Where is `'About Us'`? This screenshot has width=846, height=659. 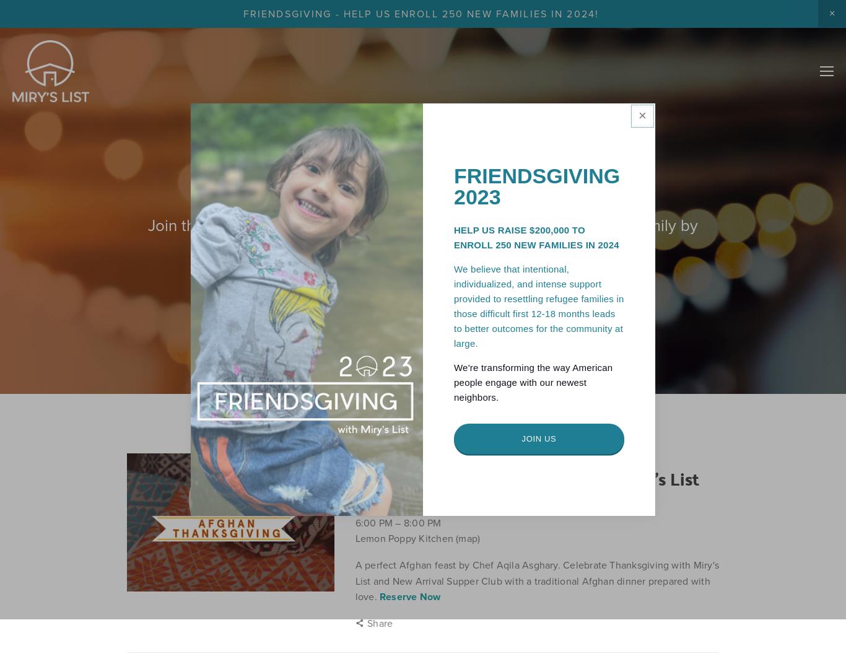 'About Us' is located at coordinates (718, 28).